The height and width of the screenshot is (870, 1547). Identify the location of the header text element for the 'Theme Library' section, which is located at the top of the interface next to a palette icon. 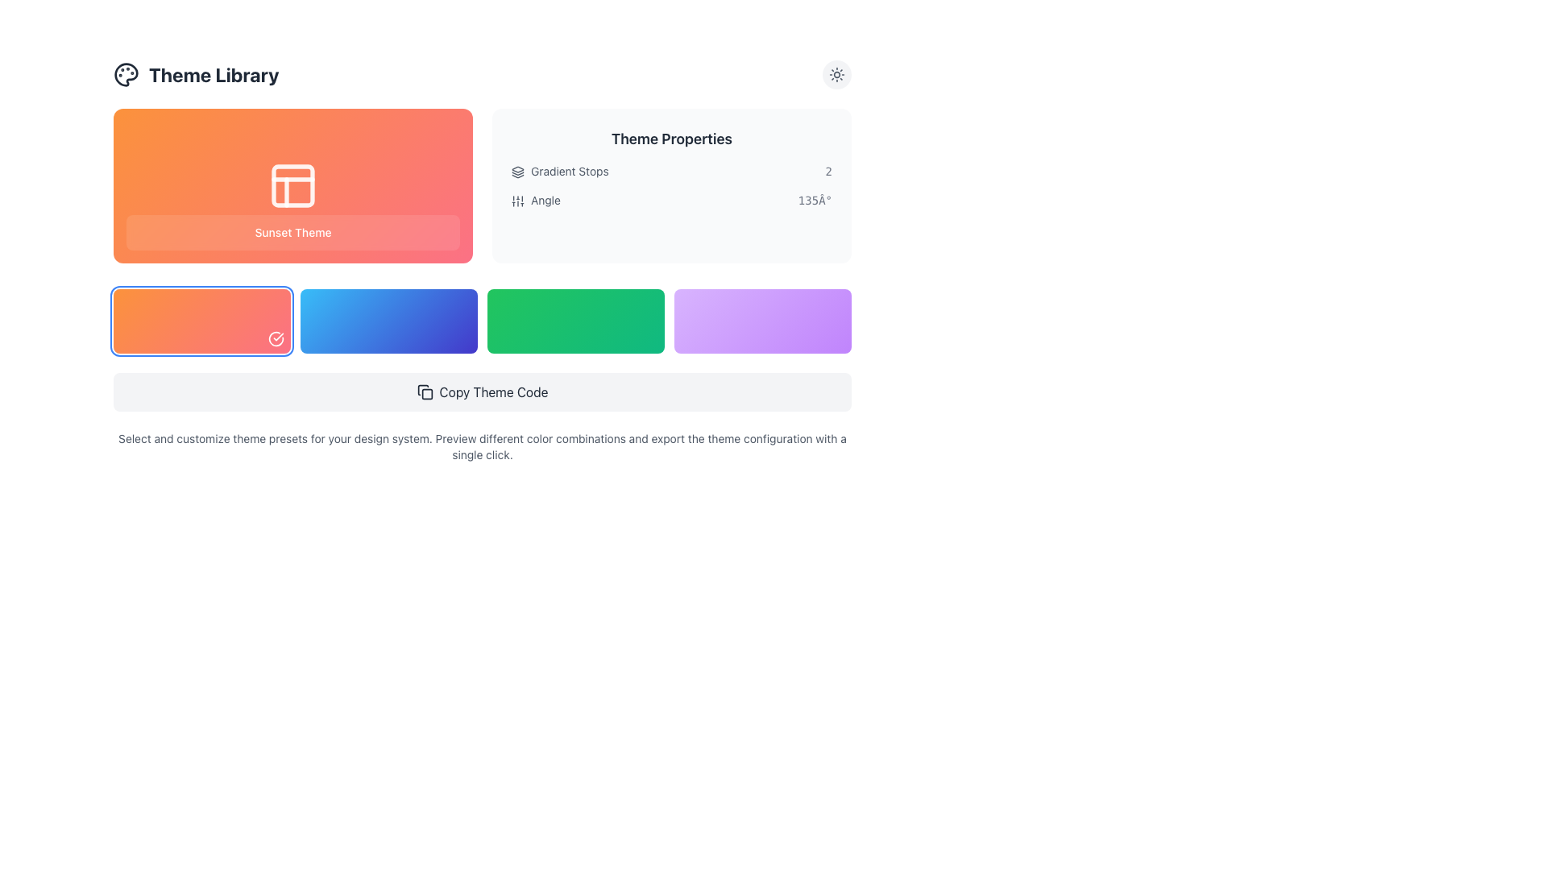
(213, 74).